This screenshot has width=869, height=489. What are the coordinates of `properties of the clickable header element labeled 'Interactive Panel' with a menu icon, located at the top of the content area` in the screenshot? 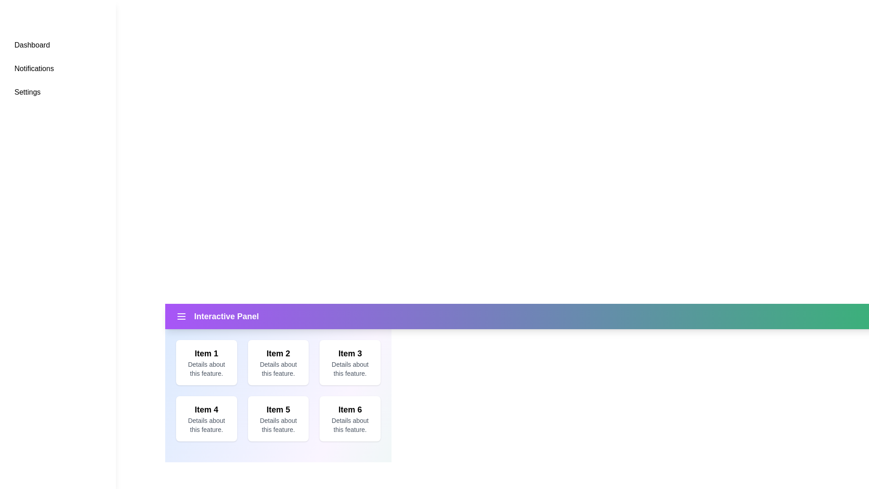 It's located at (217, 316).